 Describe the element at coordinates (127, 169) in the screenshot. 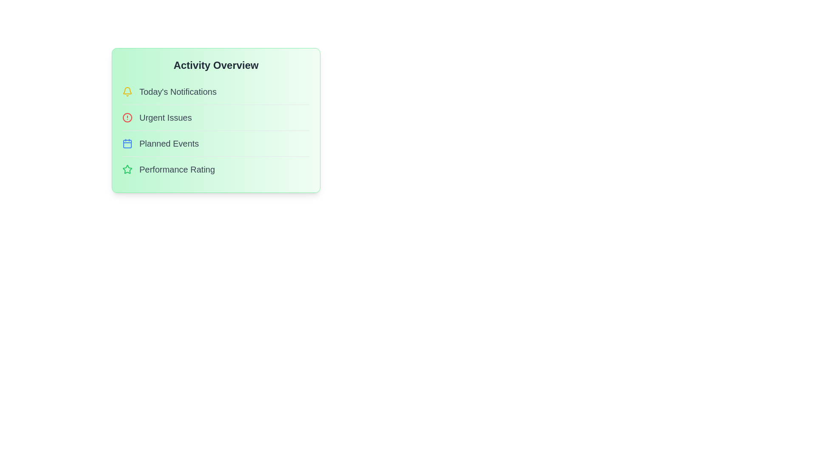

I see `the performance rating indicator icon located to the left of the 'Performance Rating' text in the fourth row of the vertical list within the green 'Activity Overview' panel` at that location.